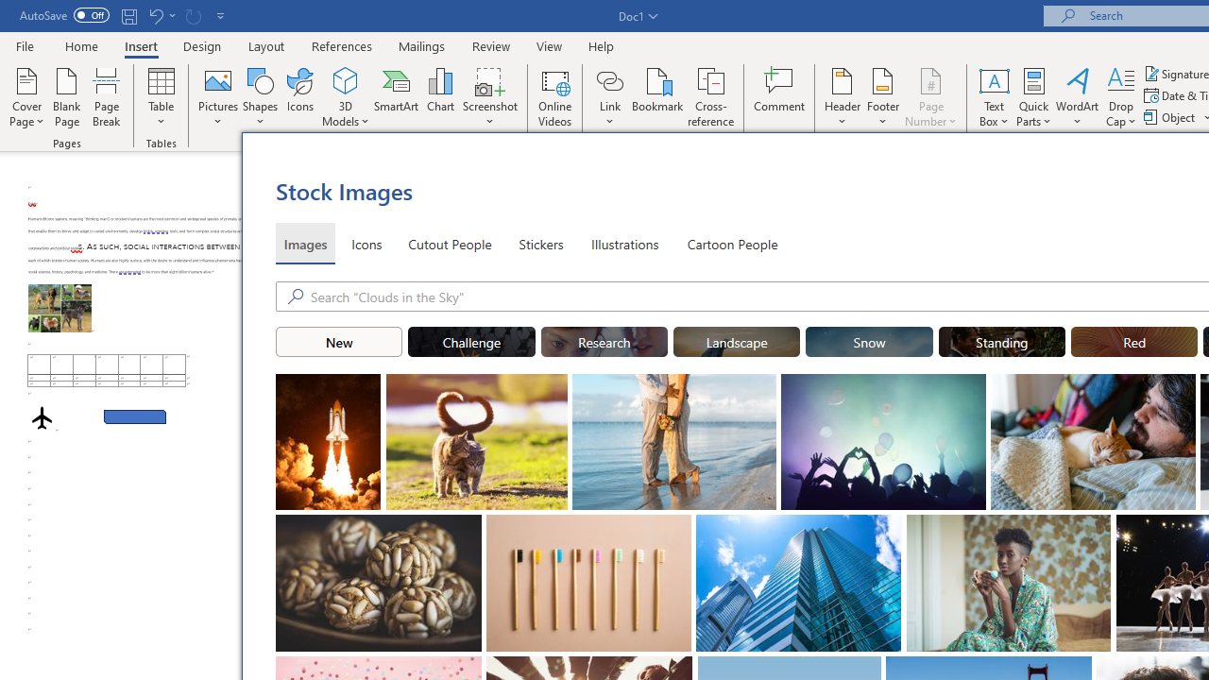 Image resolution: width=1209 pixels, height=680 pixels. I want to click on 'Morphological variation in six dogs', so click(60, 307).